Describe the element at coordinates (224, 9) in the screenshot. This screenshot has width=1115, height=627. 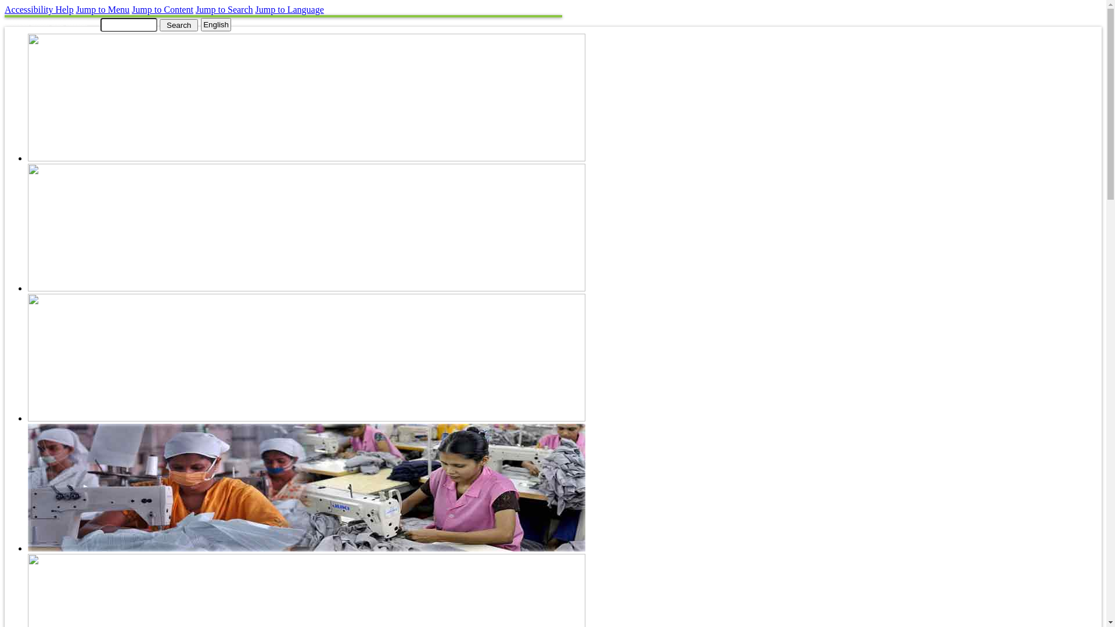
I see `'Jump to Search'` at that location.